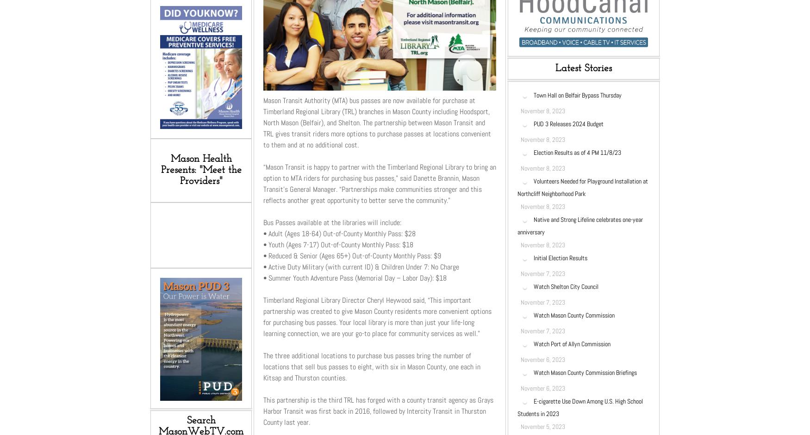 The width and height of the screenshot is (810, 435). I want to click on 'Watch Mason County Commission Briefings', so click(587, 372).